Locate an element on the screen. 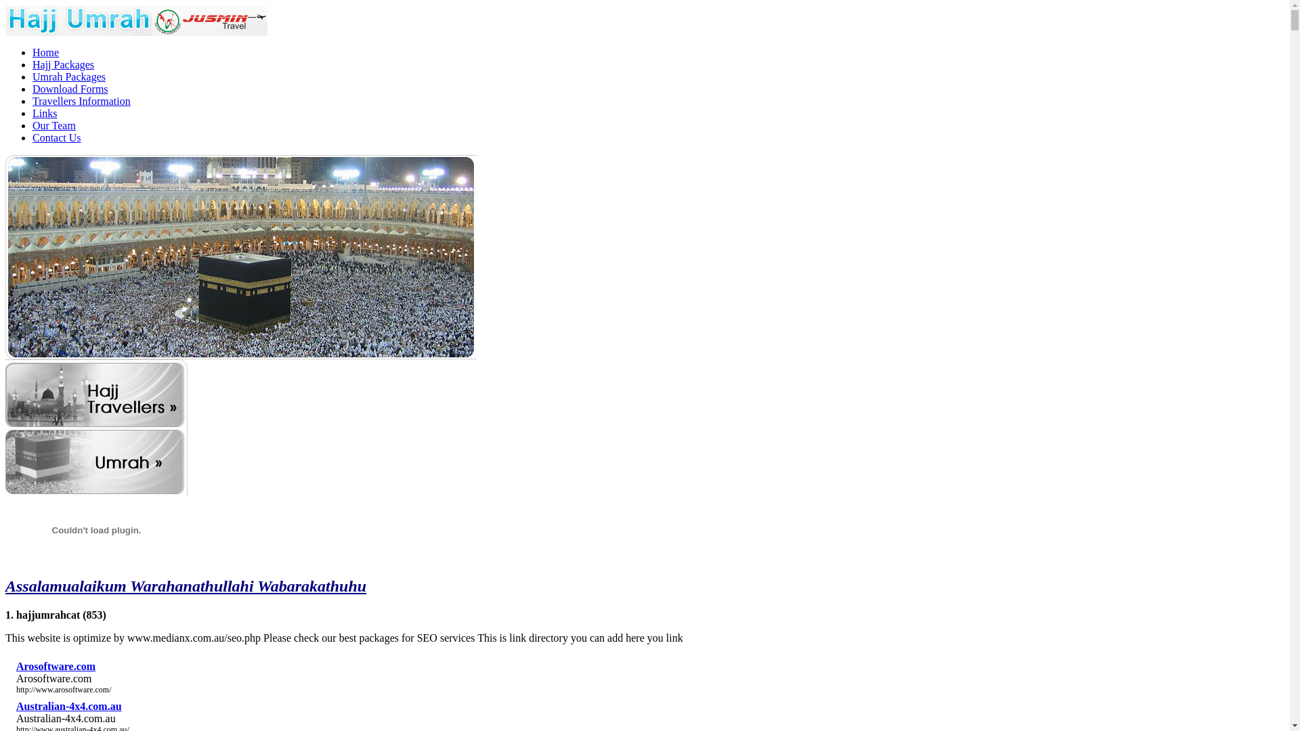  'Home' is located at coordinates (45, 51).